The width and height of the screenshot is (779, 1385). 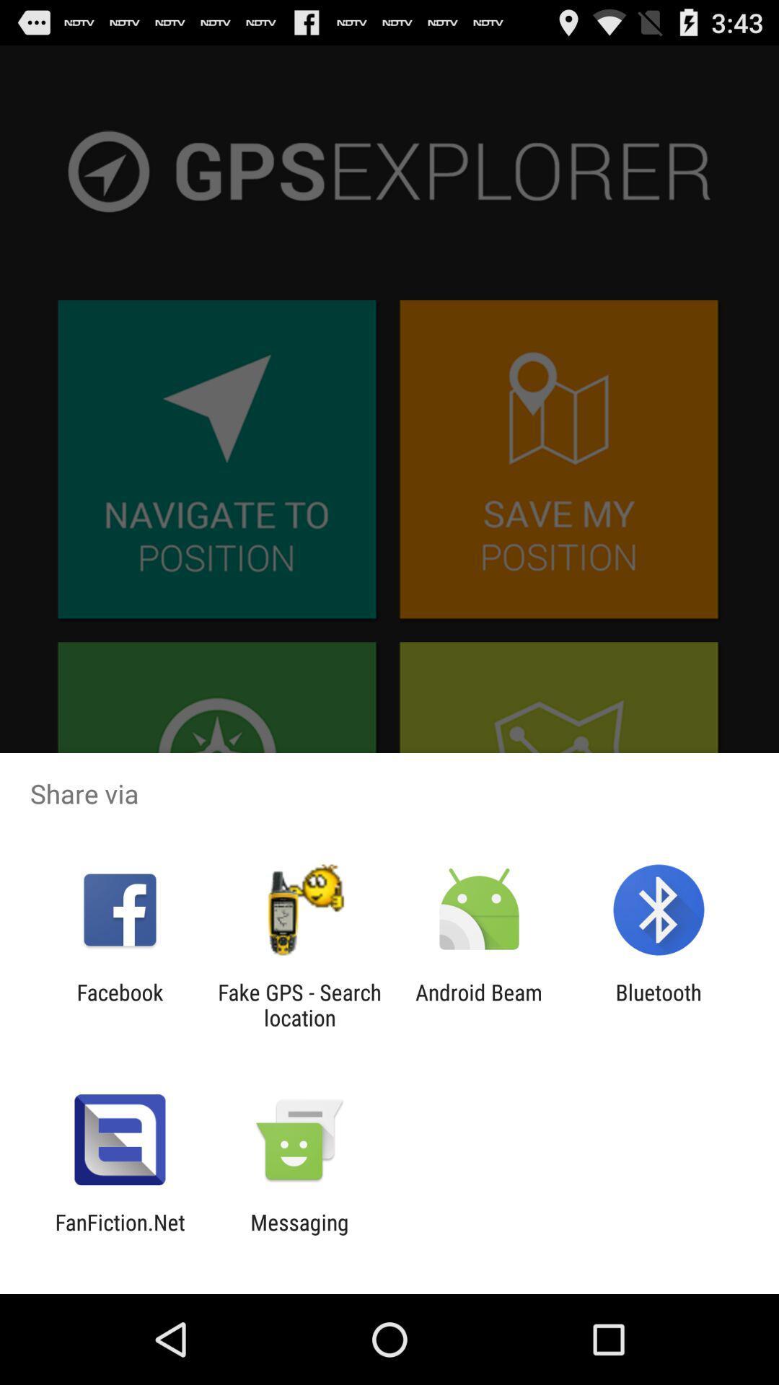 I want to click on item next to the fanfiction.net icon, so click(x=299, y=1234).